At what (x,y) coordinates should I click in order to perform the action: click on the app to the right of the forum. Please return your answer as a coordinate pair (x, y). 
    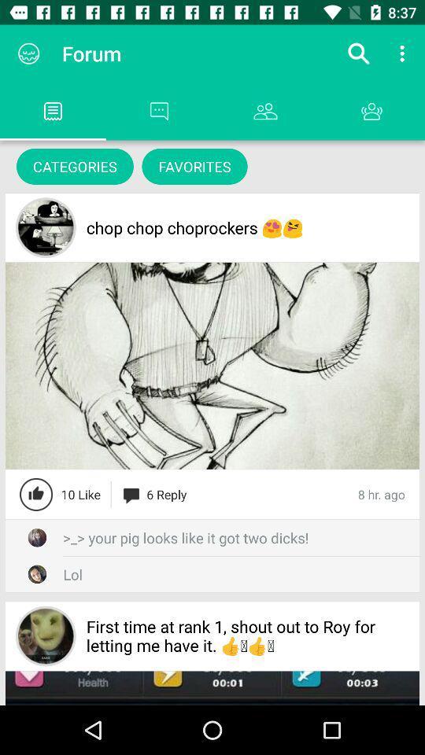
    Looking at the image, I should click on (358, 53).